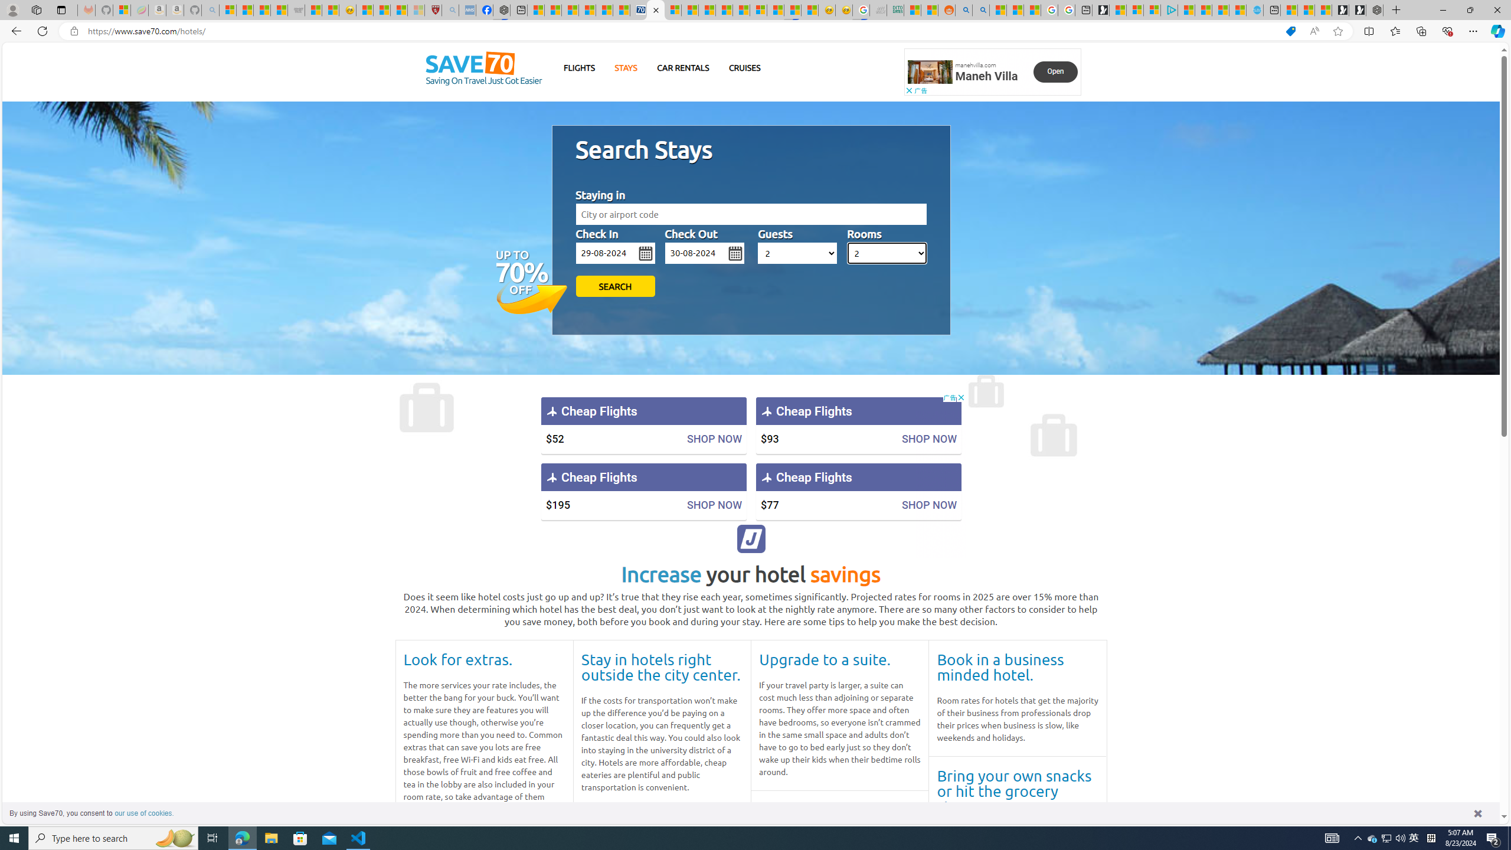 Image resolution: width=1511 pixels, height=850 pixels. What do you see at coordinates (960, 397) in the screenshot?
I see `'AutomationID: cbb'` at bounding box center [960, 397].